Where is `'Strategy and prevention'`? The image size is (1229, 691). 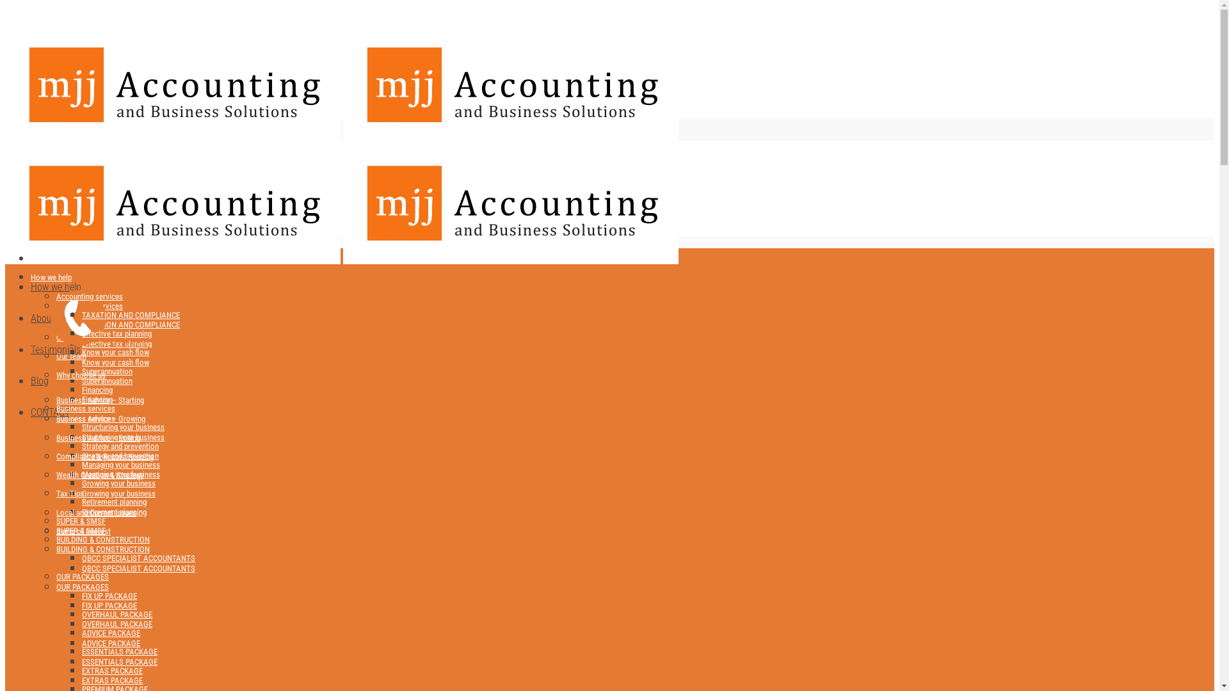 'Strategy and prevention' is located at coordinates (120, 445).